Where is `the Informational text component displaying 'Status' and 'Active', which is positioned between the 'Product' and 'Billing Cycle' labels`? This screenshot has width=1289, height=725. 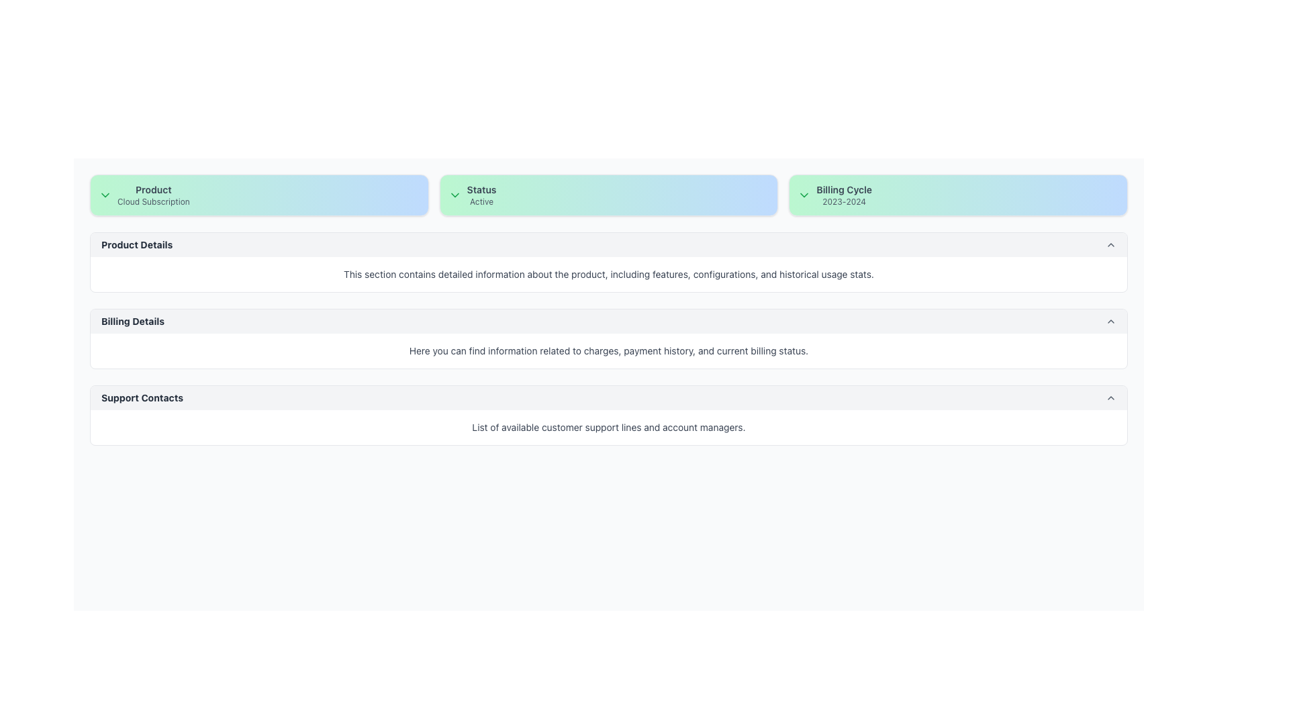
the Informational text component displaying 'Status' and 'Active', which is positioned between the 'Product' and 'Billing Cycle' labels is located at coordinates (481, 195).